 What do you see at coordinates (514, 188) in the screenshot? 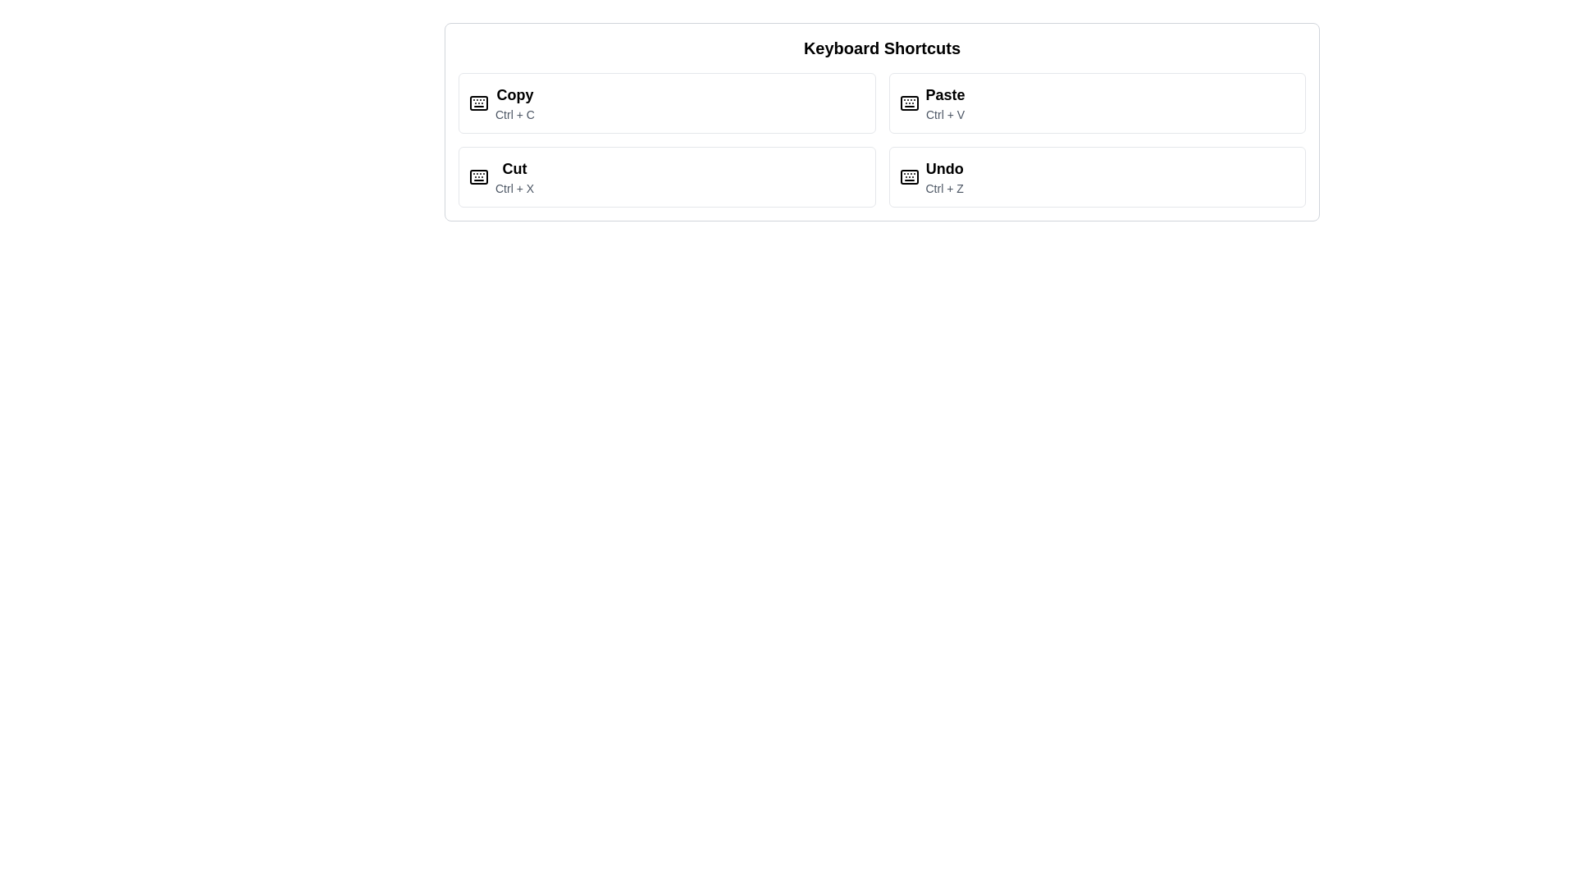
I see `the static text displaying the shortcut 'Ctrl + X', which is located beneath the 'Cut' label in a gray color scheme with a smaller font size` at bounding box center [514, 188].